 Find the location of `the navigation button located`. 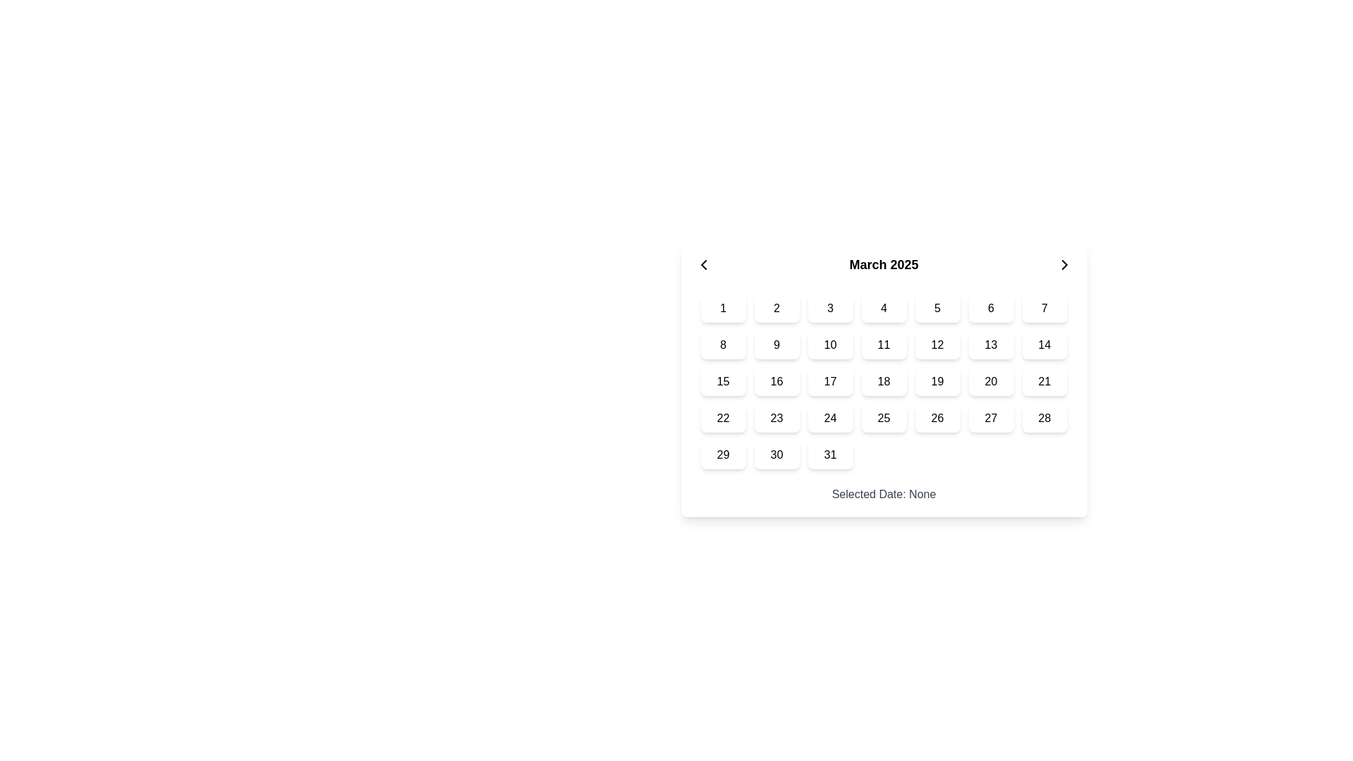

the navigation button located is located at coordinates (703, 264).